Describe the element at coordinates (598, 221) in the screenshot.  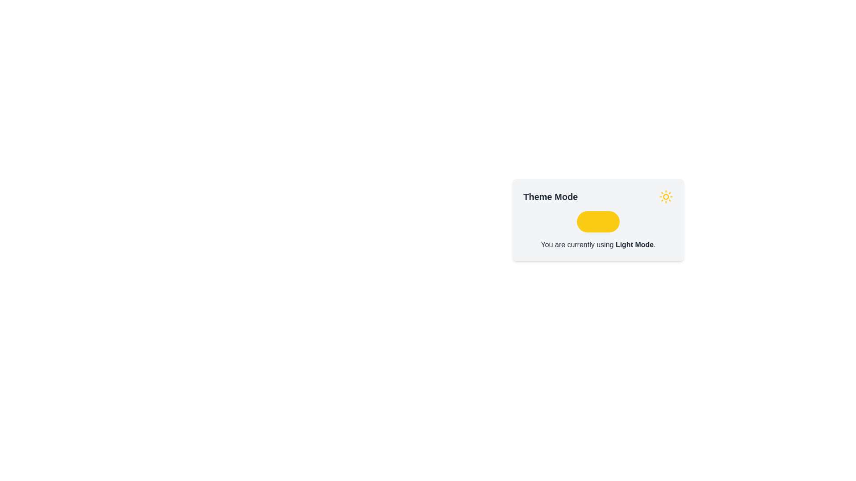
I see `the oval-shaped toggle button with a bright yellow background located in the 'Theme Mode' section` at that location.